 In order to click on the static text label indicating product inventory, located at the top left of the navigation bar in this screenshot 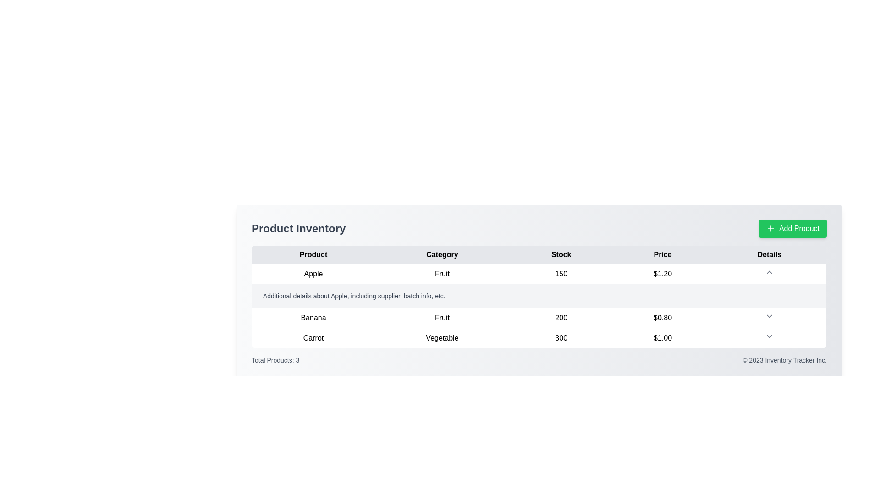, I will do `click(298, 228)`.